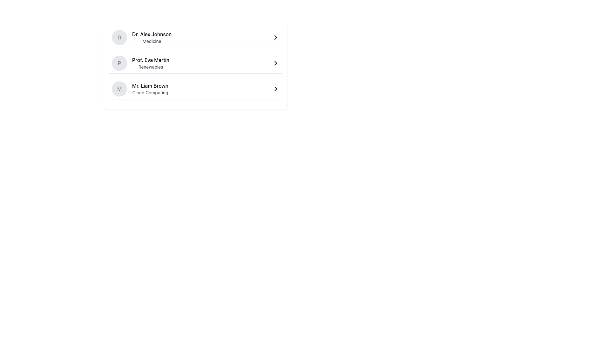 Image resolution: width=610 pixels, height=343 pixels. What do you see at coordinates (150, 60) in the screenshot?
I see `the Text label displaying 'Prof. Eva Martin' in the second row of the contact list, which is positioned above the subtitle 'Renewables'` at bounding box center [150, 60].